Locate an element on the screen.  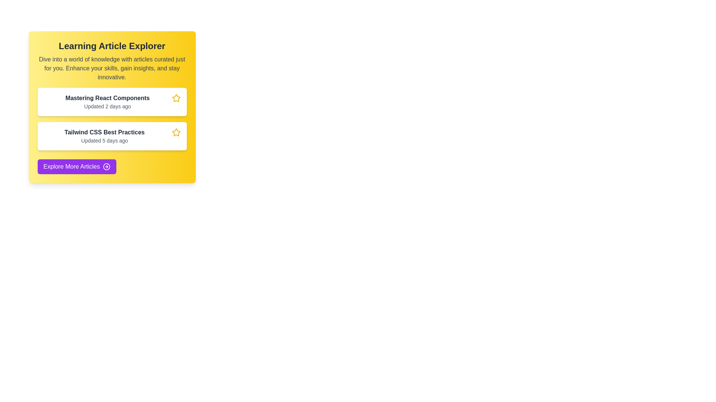
the text label displaying 'Tailwind CSS Best Practices', which is the title of the second article in a vertical list within a yellow panel is located at coordinates (104, 132).